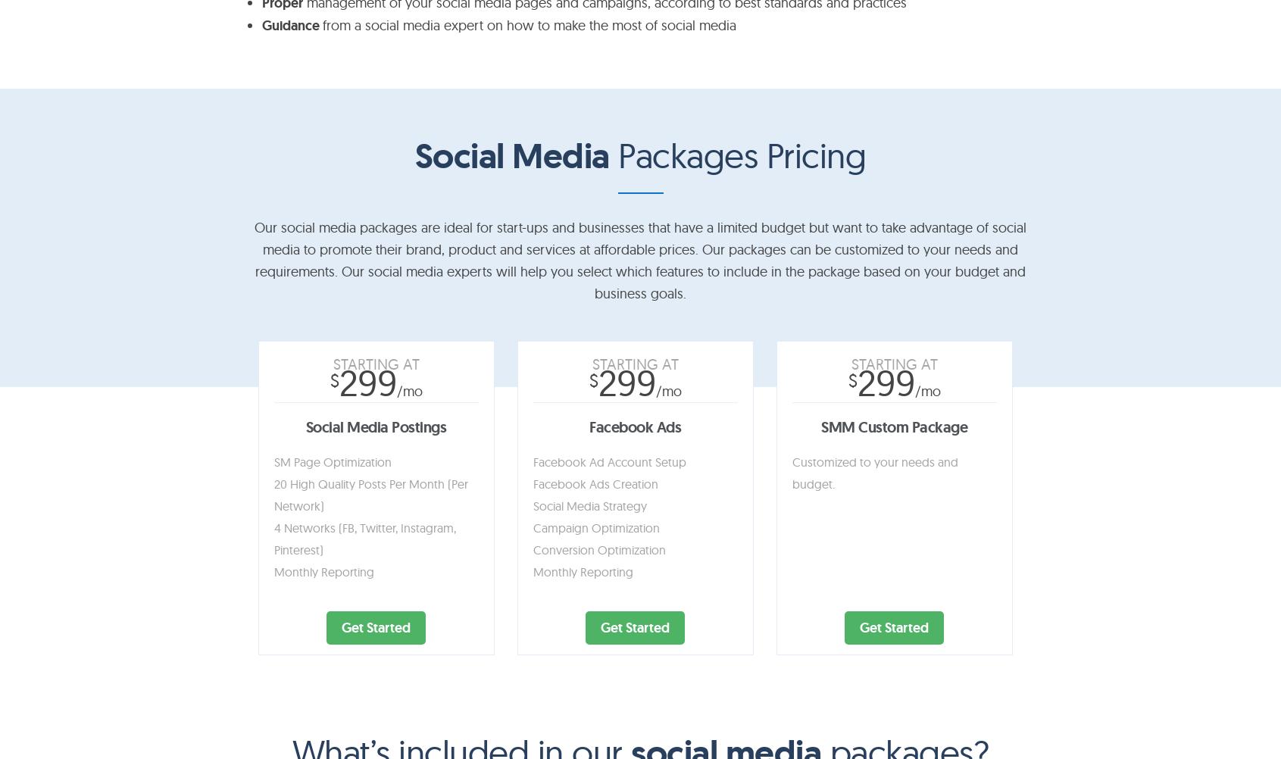 This screenshot has height=759, width=1281. Describe the element at coordinates (594, 482) in the screenshot. I see `'Facebook Ads Creation'` at that location.